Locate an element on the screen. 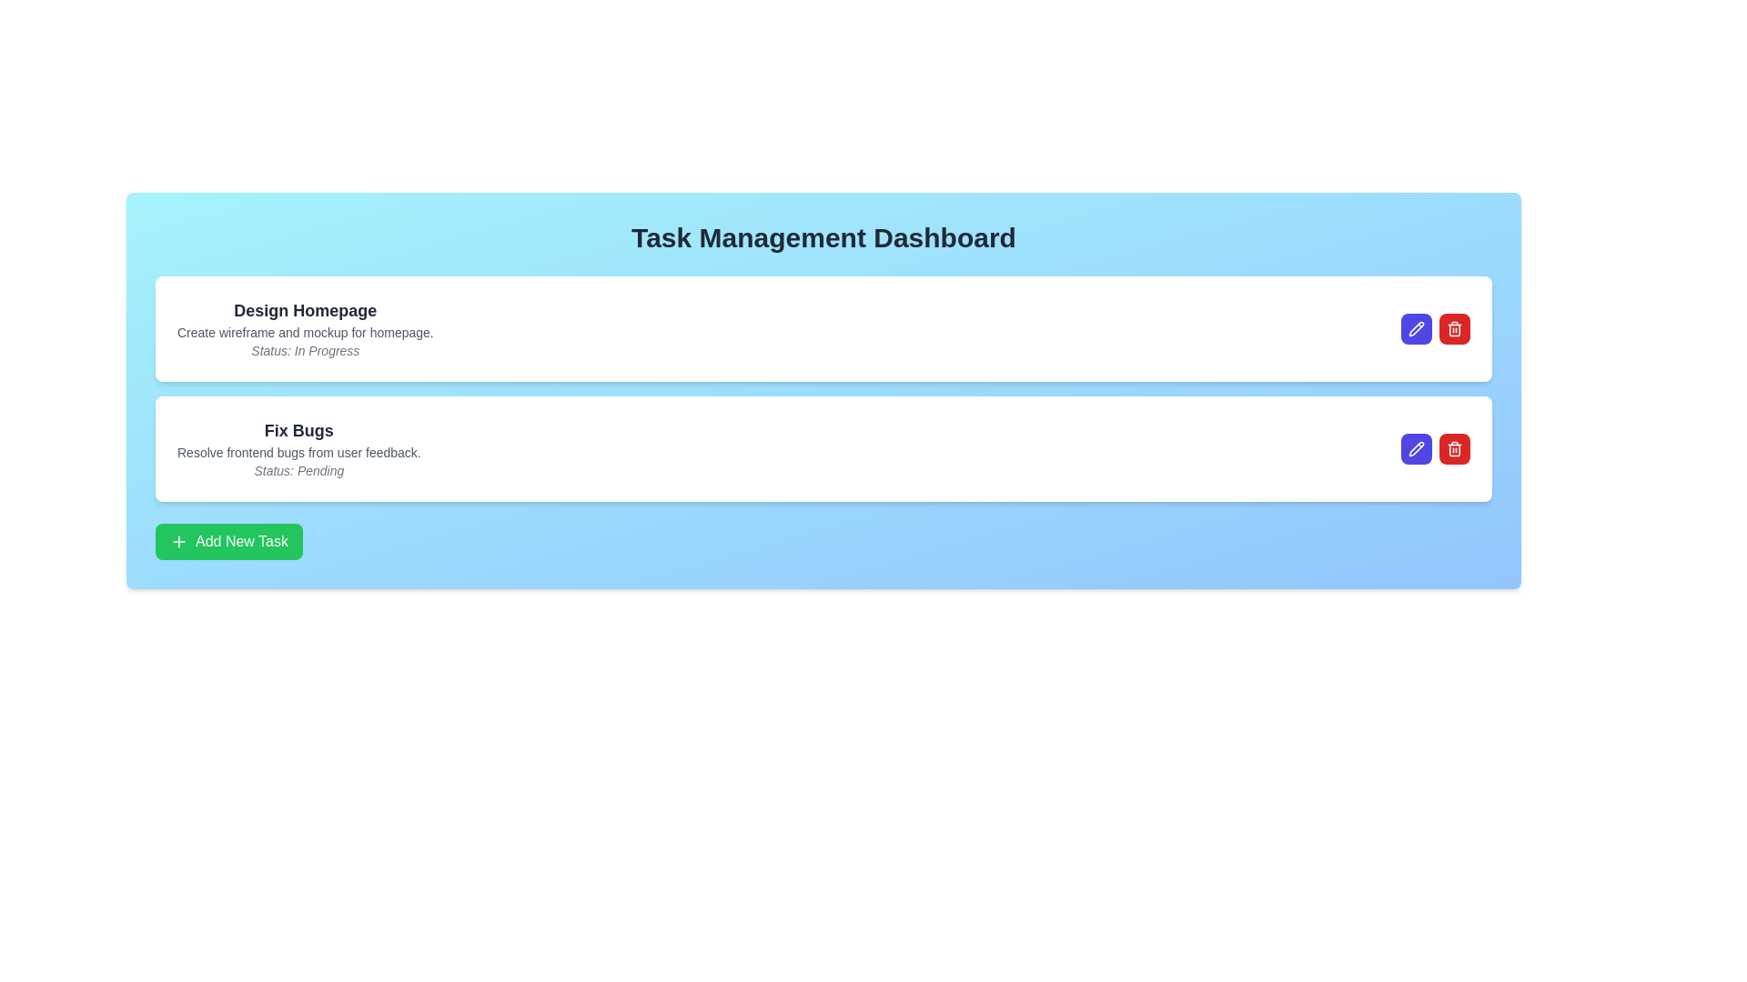  the first task in the task list, which displays the task's title, description, and current status is located at coordinates (305, 329).